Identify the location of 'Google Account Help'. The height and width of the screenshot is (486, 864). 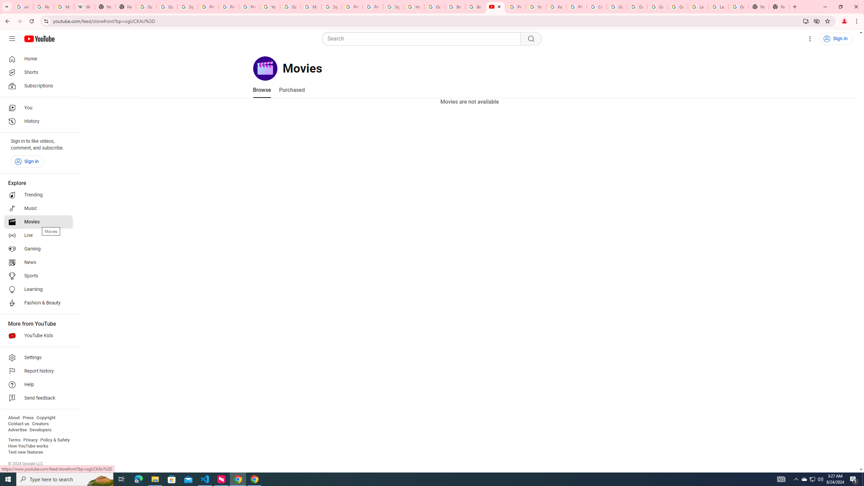
(637, 6).